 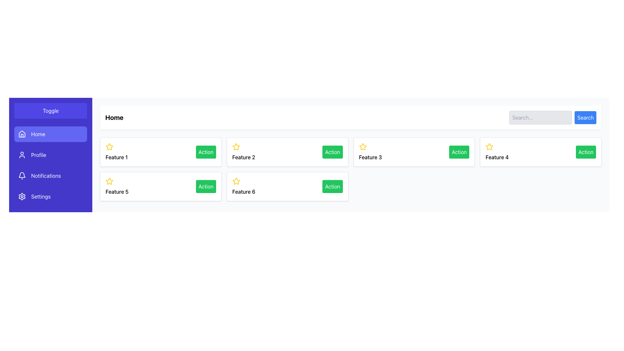 What do you see at coordinates (489, 147) in the screenshot?
I see `the star icon in the top-left section of the 'Feature 4' card to rate it` at bounding box center [489, 147].